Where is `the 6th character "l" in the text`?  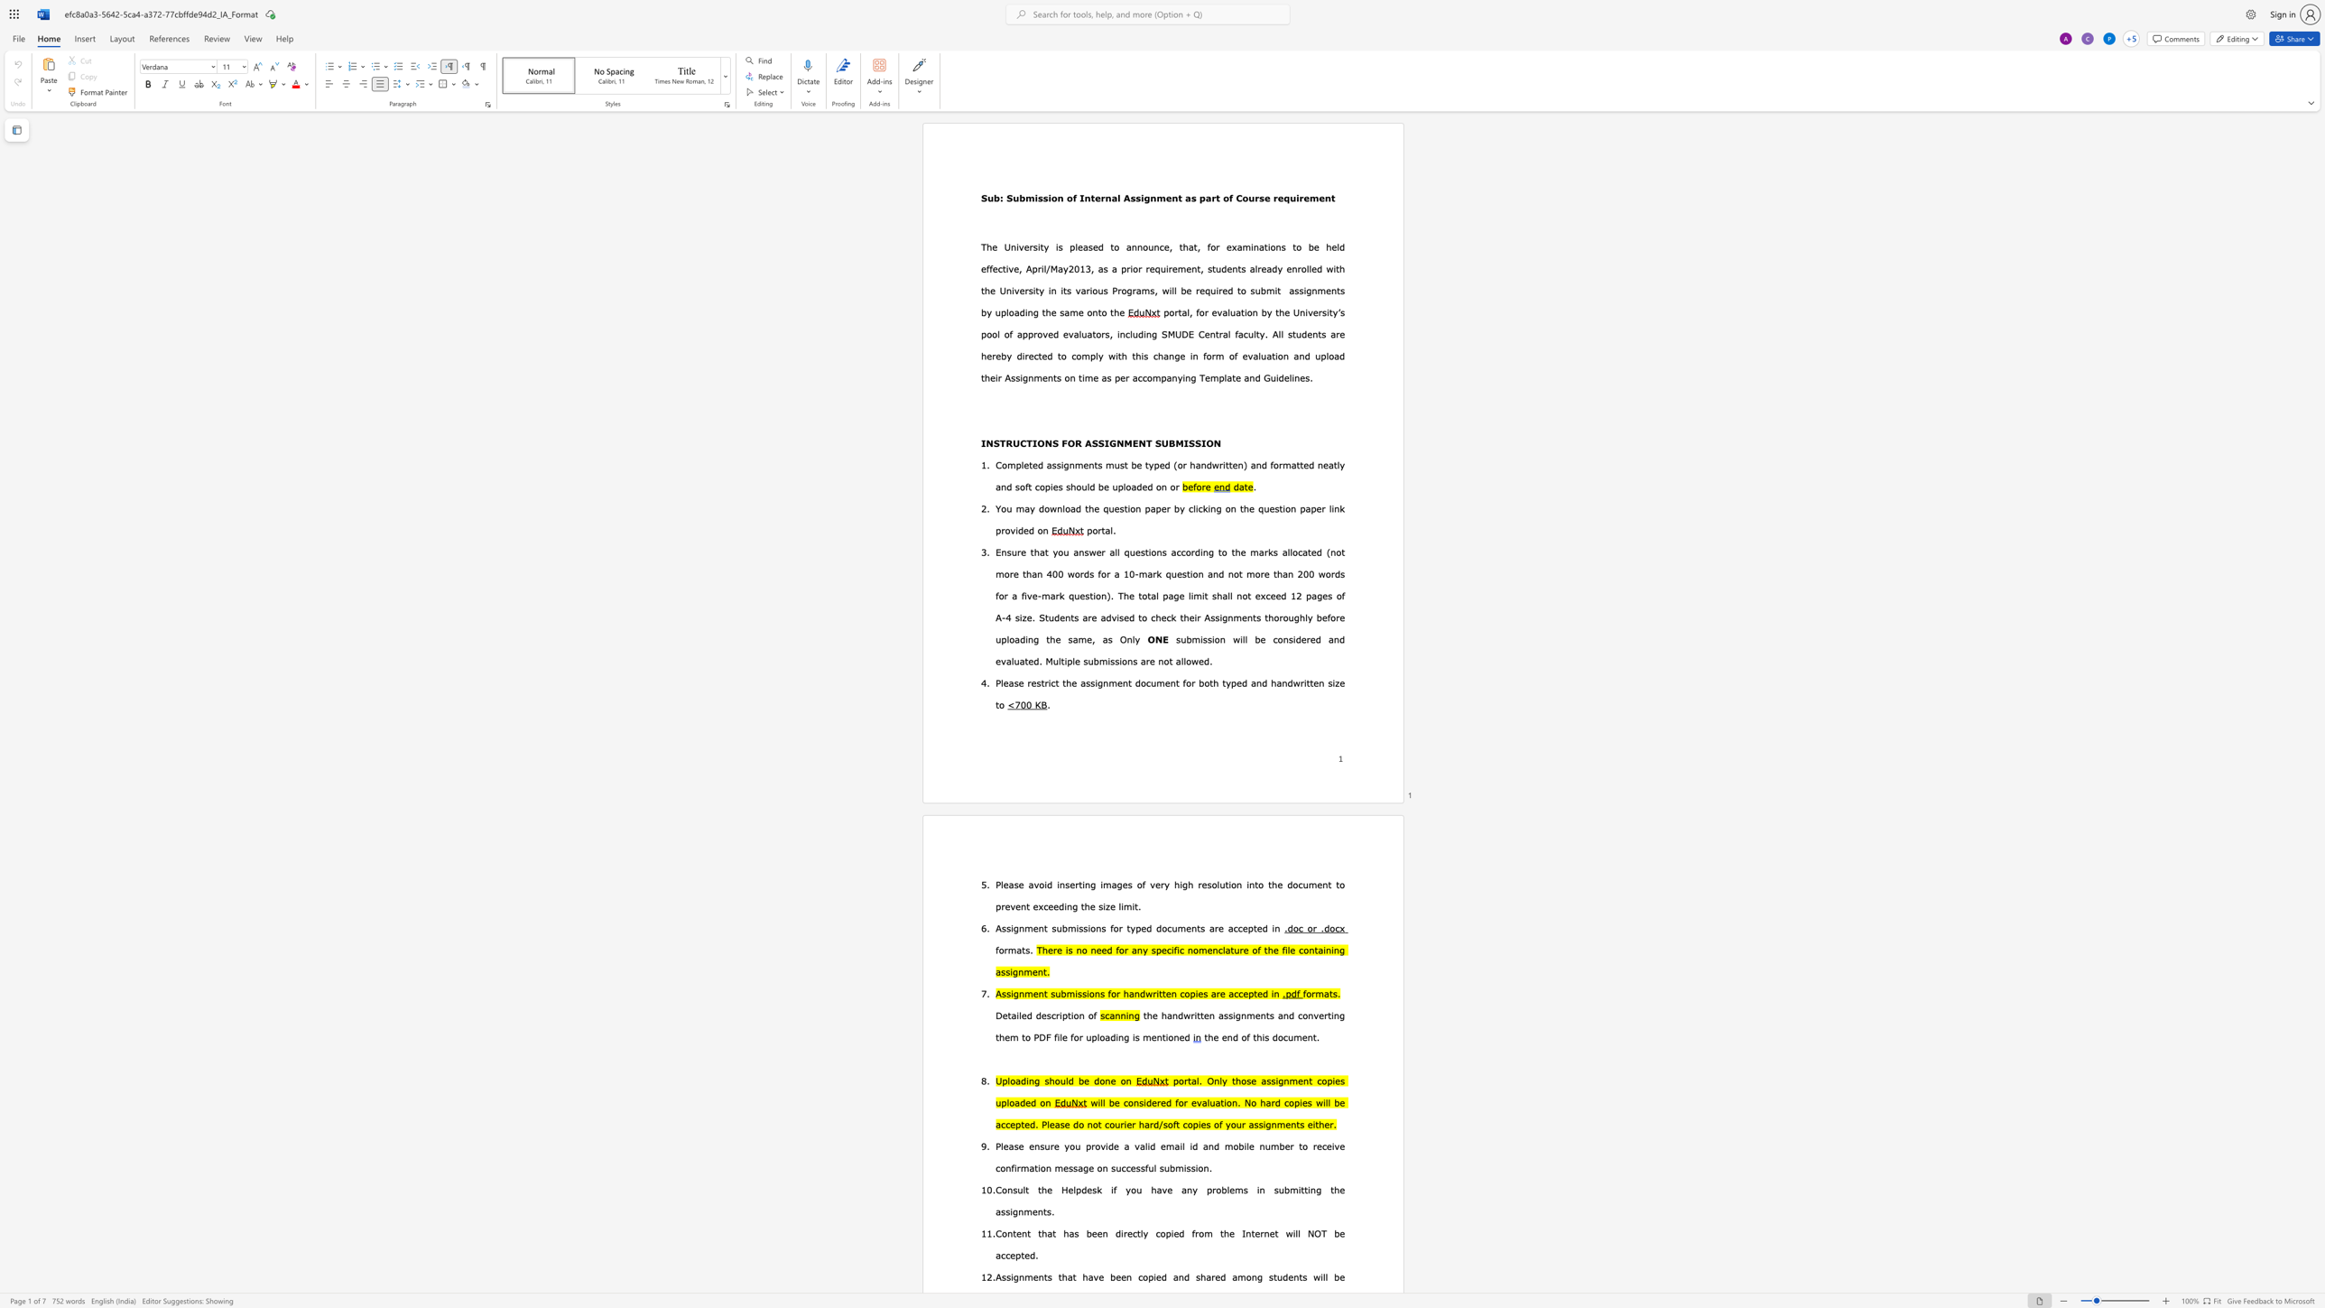 the 6th character "l" in the text is located at coordinates (1254, 333).